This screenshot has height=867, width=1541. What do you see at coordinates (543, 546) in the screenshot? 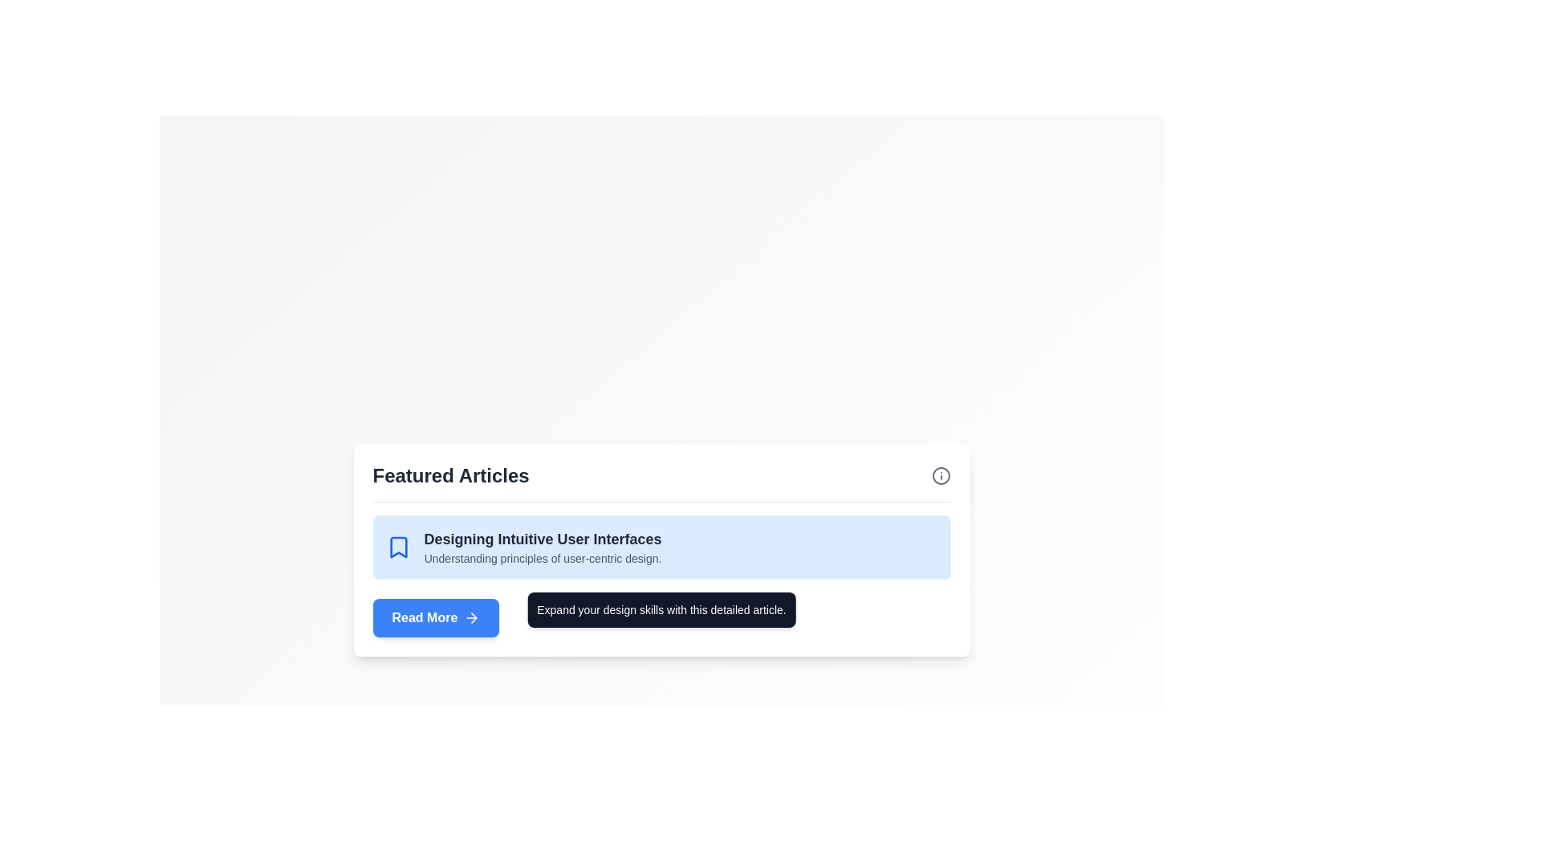
I see `the associated details of the text content titled 'Designing Intuitive User Interfaces' which is displayed in a rectangular card with a light blue background` at bounding box center [543, 546].